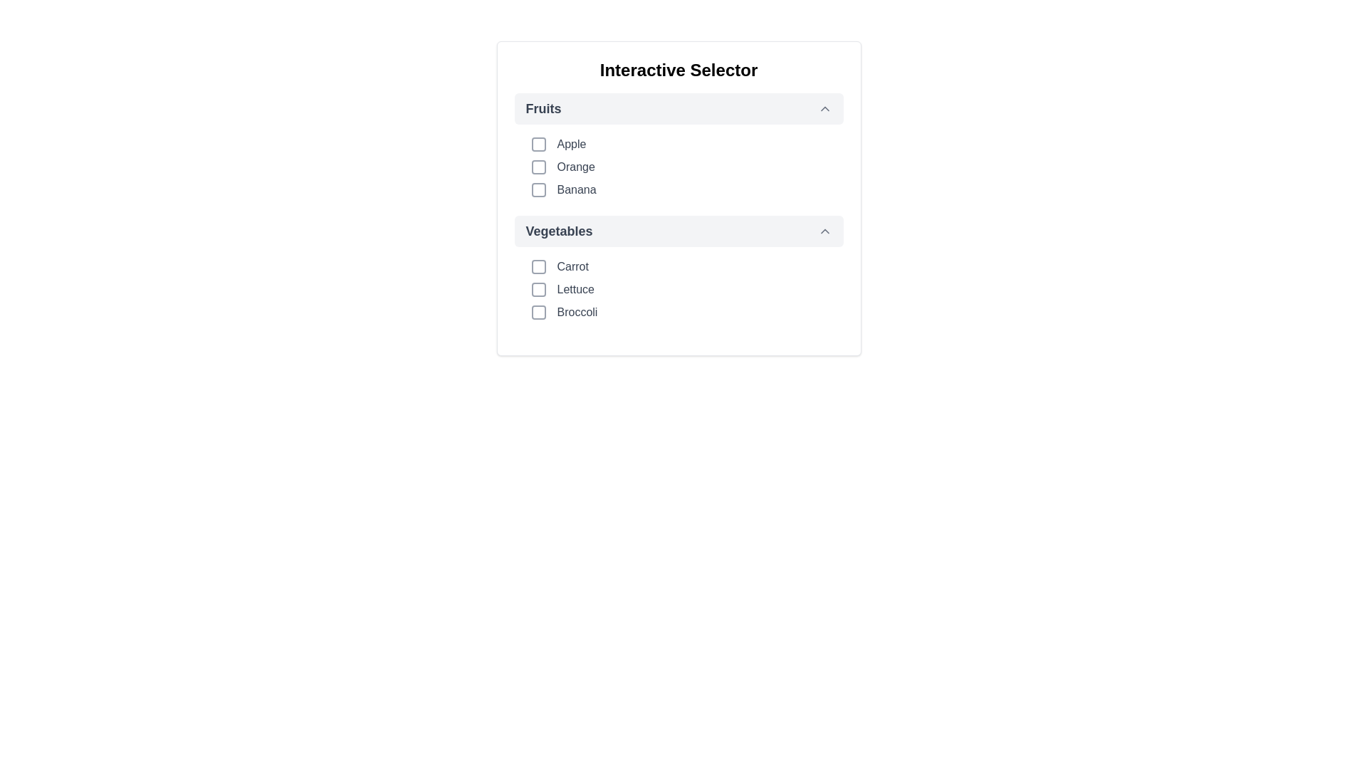 This screenshot has width=1367, height=769. I want to click on the 'Carrot' checkbox within the 'Vegetables' section, so click(687, 266).